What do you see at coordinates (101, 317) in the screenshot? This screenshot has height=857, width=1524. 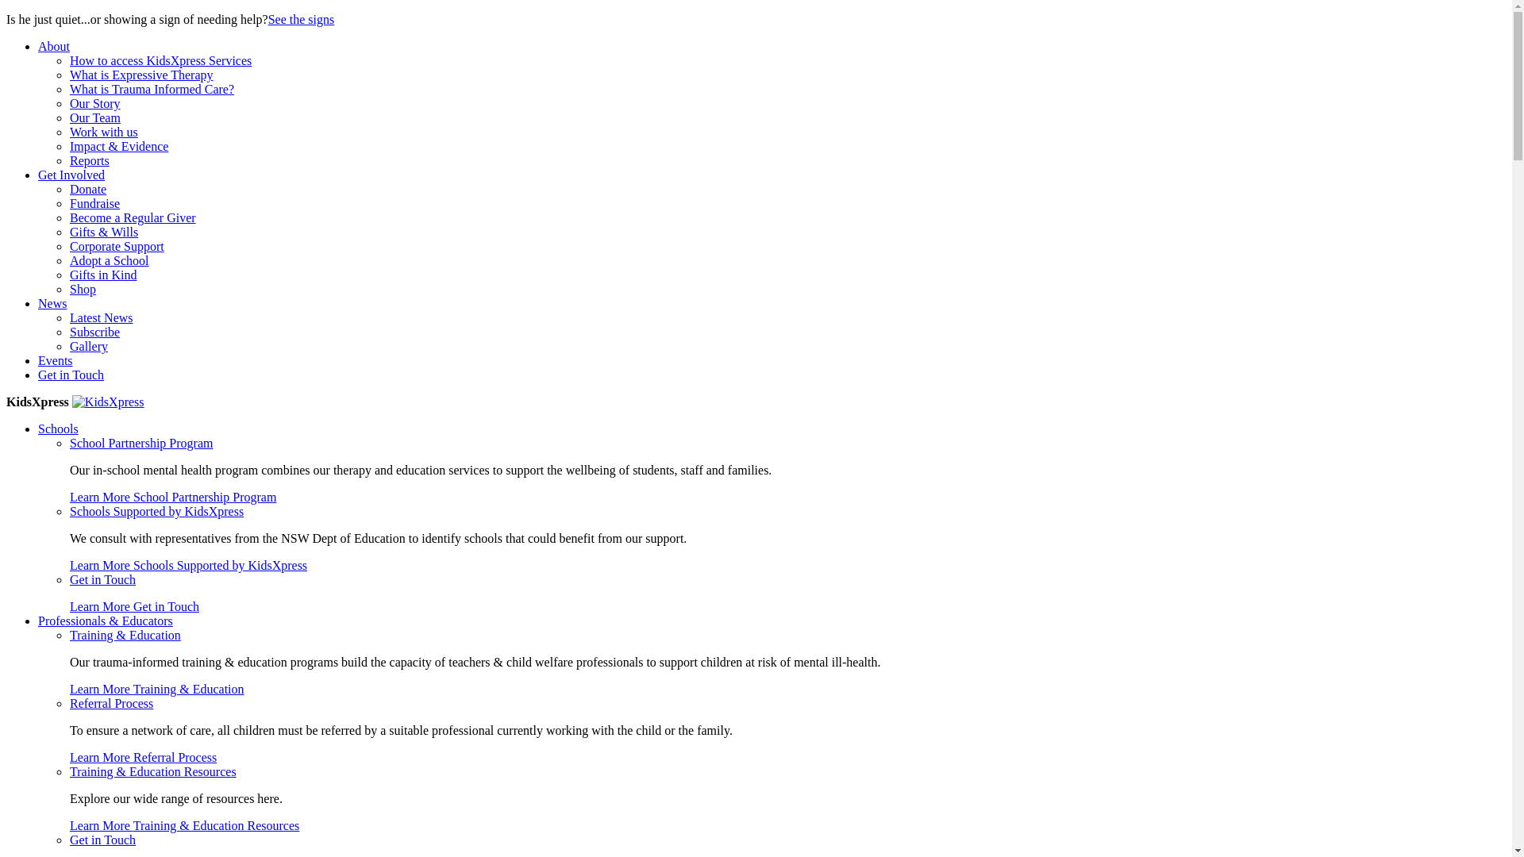 I see `'Latest News'` at bounding box center [101, 317].